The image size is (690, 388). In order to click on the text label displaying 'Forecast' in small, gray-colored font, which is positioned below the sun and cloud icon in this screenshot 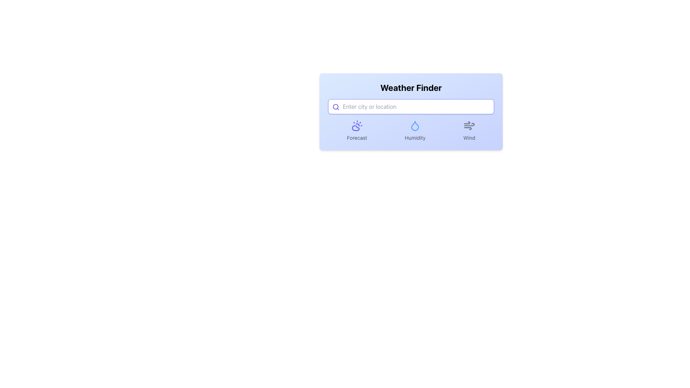, I will do `click(357, 138)`.